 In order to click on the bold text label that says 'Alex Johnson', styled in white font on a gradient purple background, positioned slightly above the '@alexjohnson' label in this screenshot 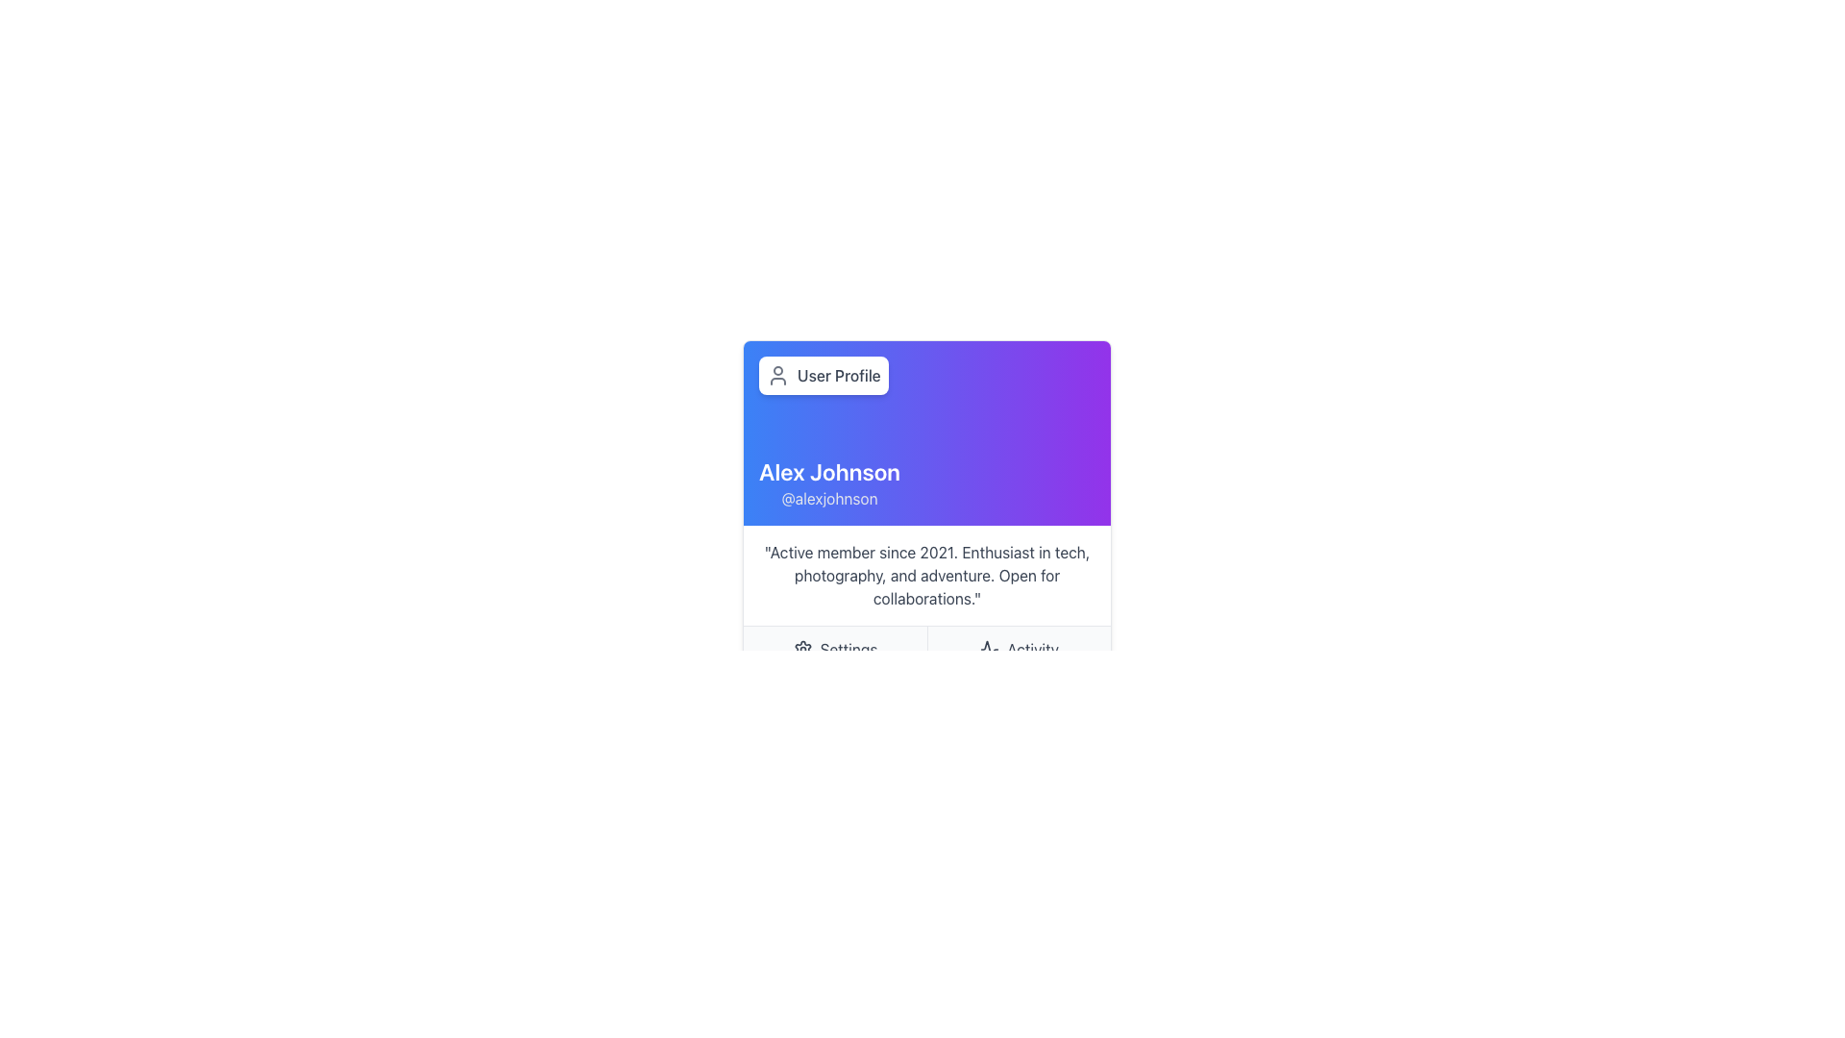, I will do `click(829, 471)`.